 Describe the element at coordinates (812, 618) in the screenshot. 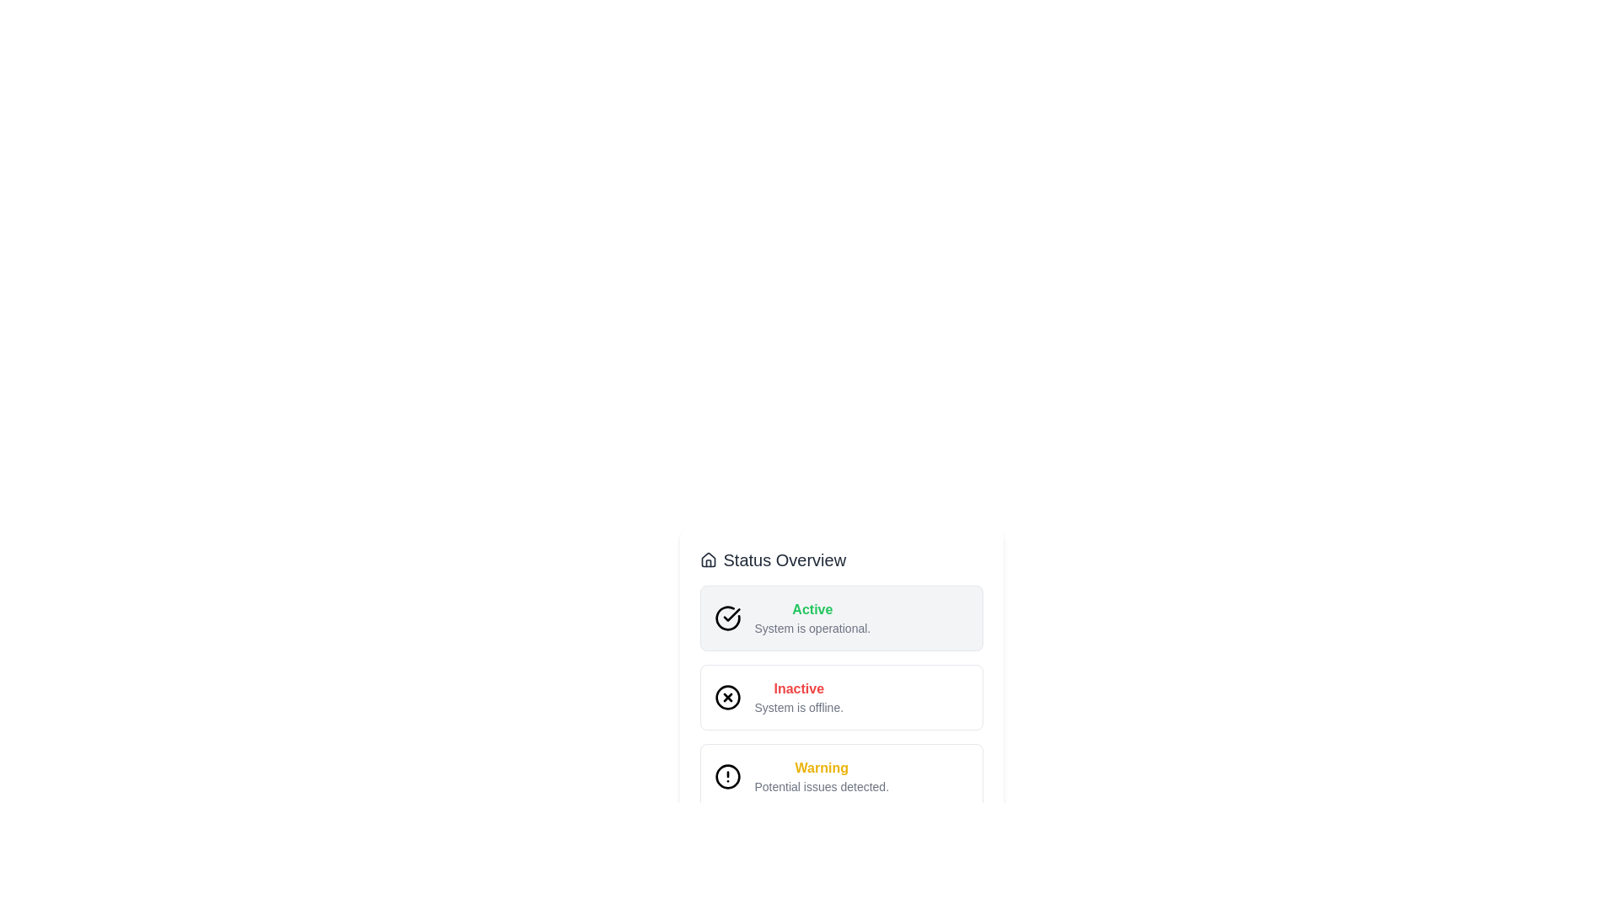

I see `the textual status indicator displaying 'Active' with a green font and the message 'System is operational.' below it, which is the first entry in a vertical status list` at that location.